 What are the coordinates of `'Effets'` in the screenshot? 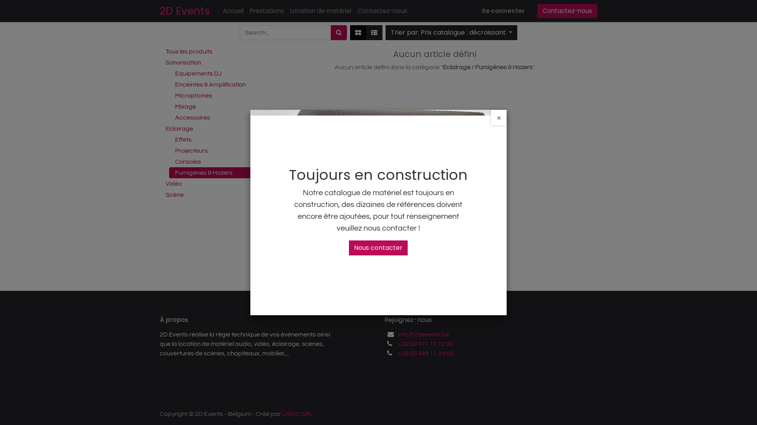 It's located at (214, 139).